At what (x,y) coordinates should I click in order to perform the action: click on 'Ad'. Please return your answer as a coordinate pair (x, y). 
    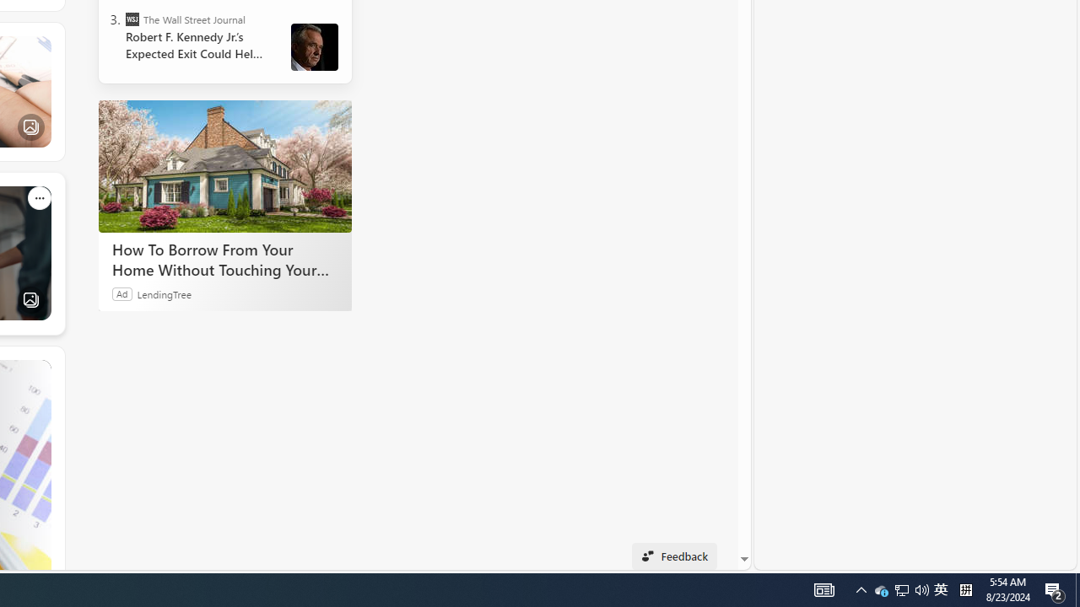
    Looking at the image, I should click on (121, 293).